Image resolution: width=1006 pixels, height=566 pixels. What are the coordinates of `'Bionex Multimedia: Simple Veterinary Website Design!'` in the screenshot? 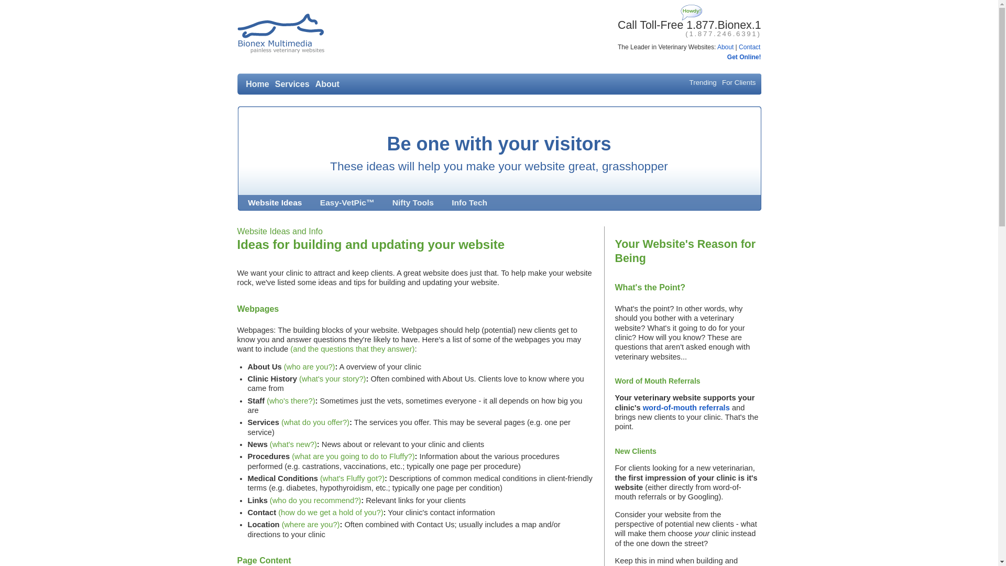 It's located at (280, 34).